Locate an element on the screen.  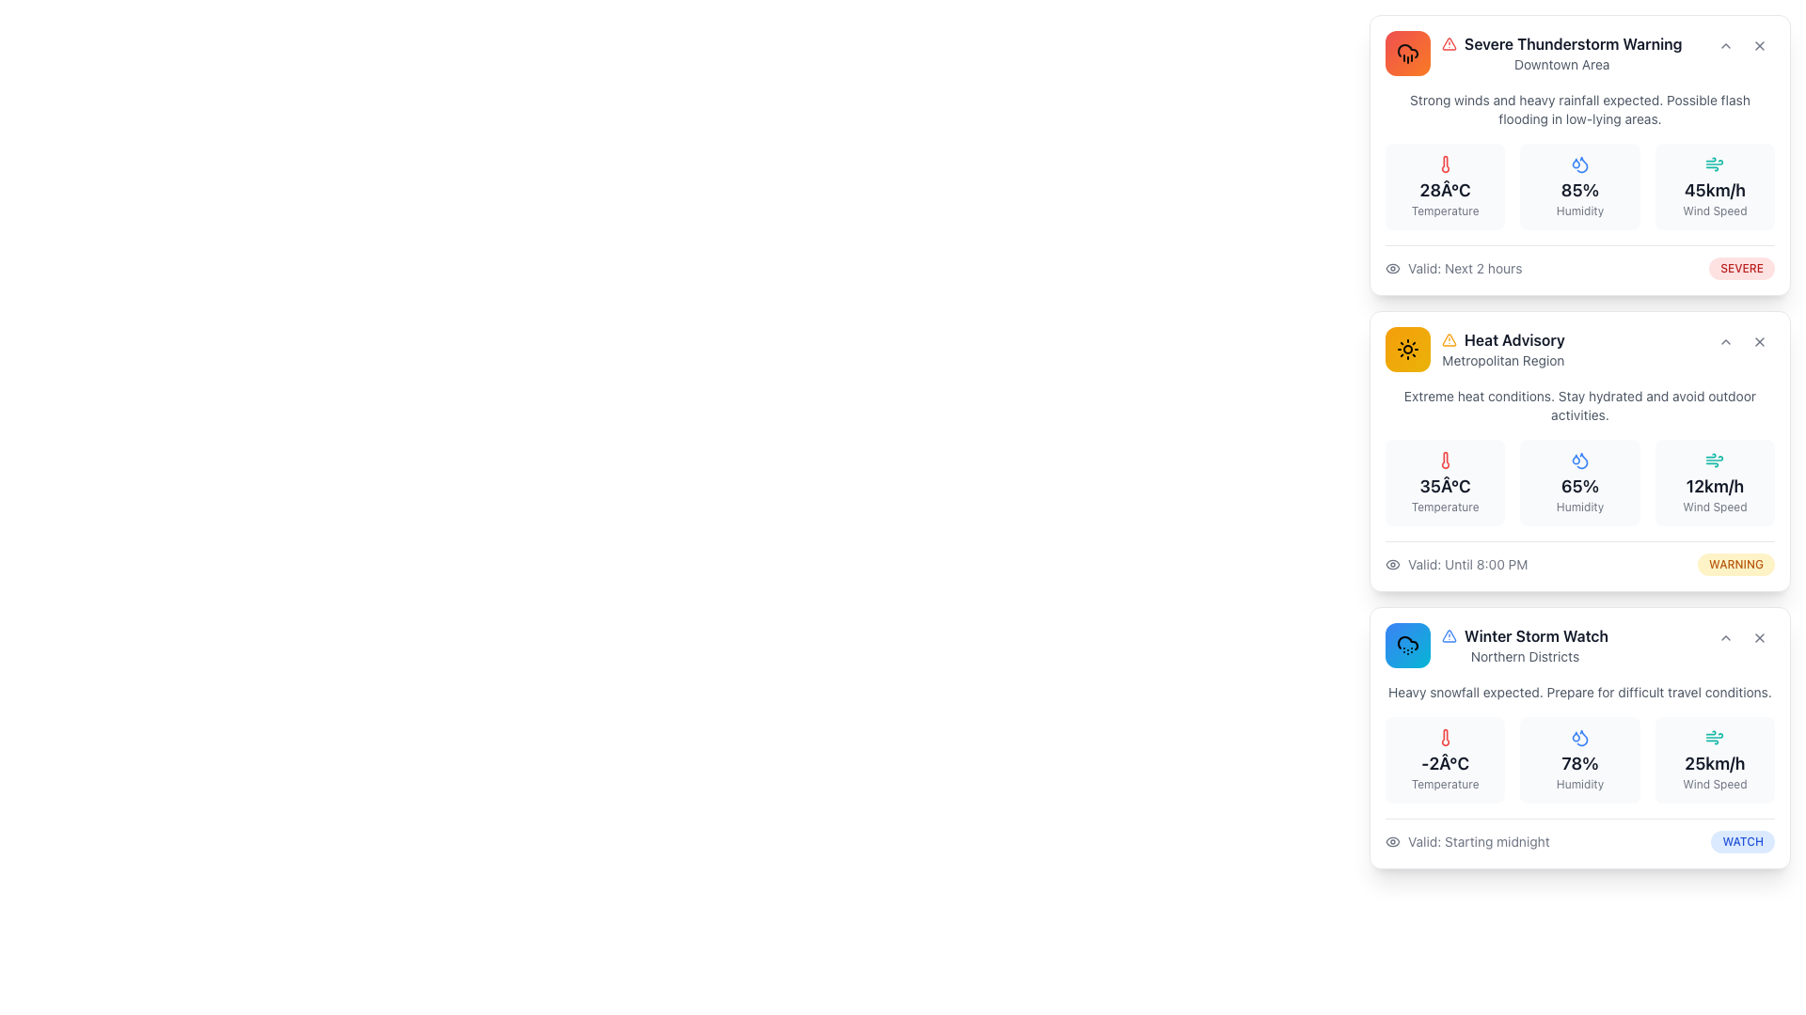
the small triangular arrow icon located at the top-right corner of the 'Severe Thunderstorm Warning' card is located at coordinates (1725, 45).